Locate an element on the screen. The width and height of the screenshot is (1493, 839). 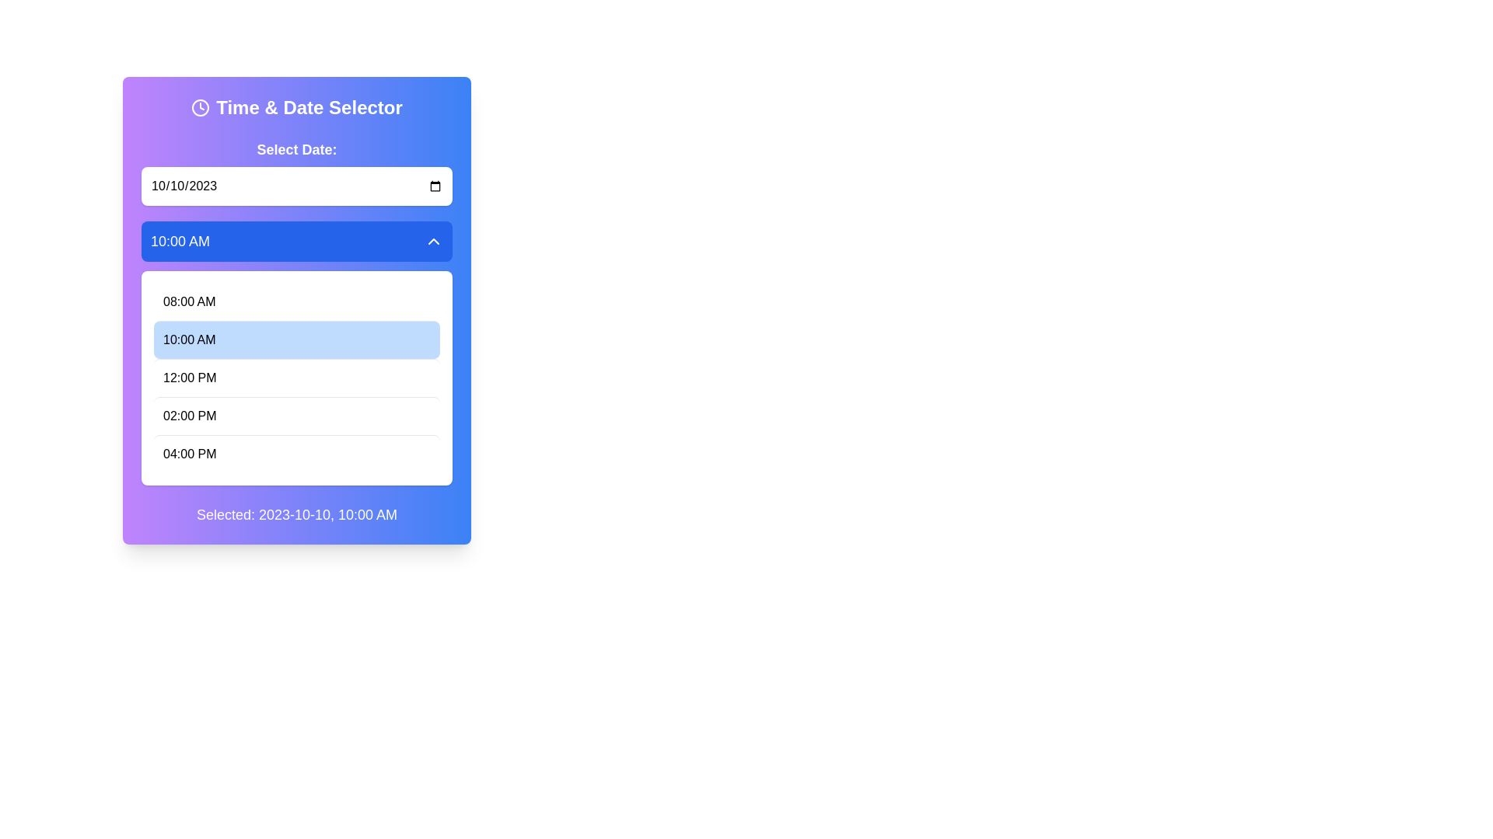
the third time slot in the dropdown labeled '12:00 PM' for navigation is located at coordinates (297, 378).